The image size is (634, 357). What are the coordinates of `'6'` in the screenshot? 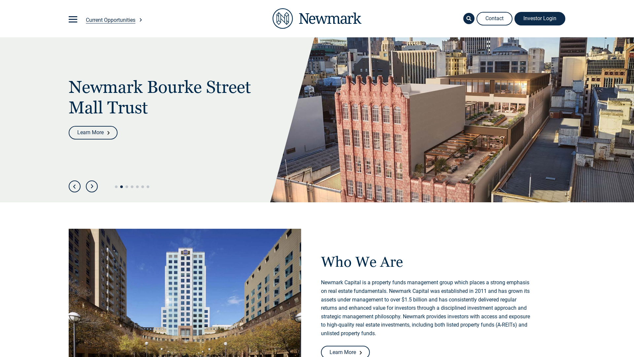 It's located at (143, 186).